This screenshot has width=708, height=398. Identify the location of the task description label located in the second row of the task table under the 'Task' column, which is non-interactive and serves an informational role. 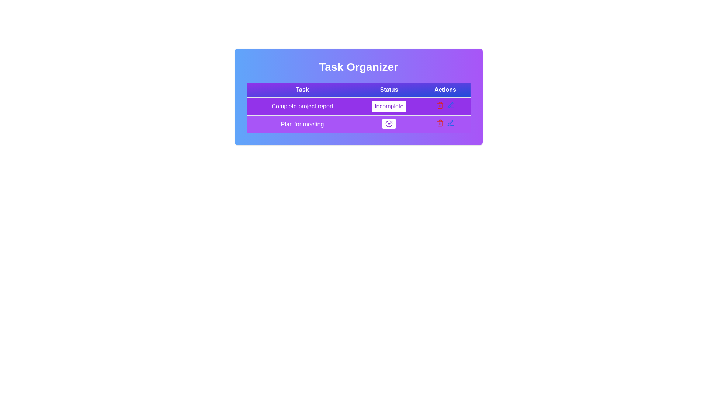
(302, 124).